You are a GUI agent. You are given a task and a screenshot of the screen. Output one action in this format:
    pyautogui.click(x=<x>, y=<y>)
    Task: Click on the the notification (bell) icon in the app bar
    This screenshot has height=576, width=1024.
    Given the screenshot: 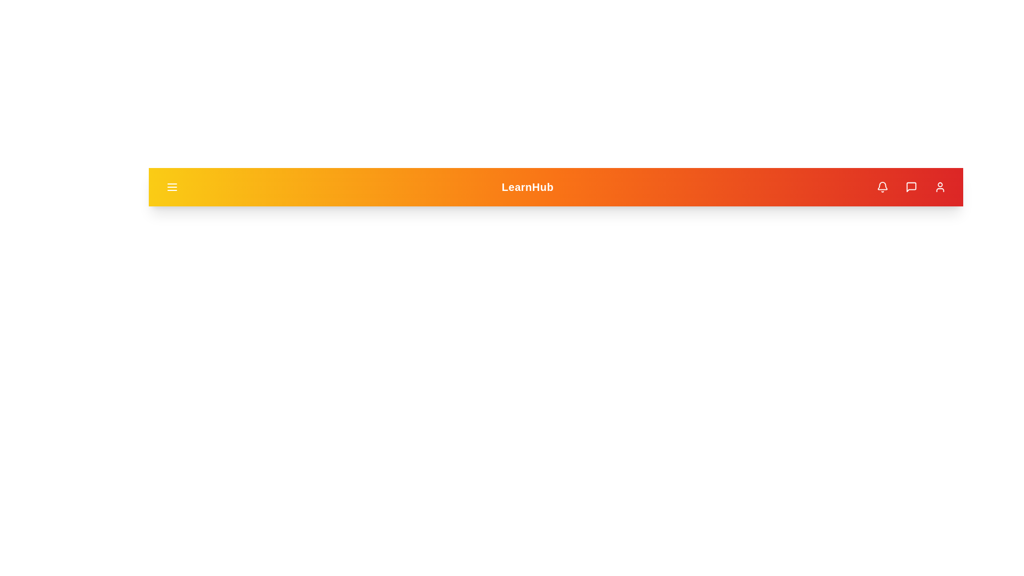 What is the action you would take?
    pyautogui.click(x=883, y=187)
    